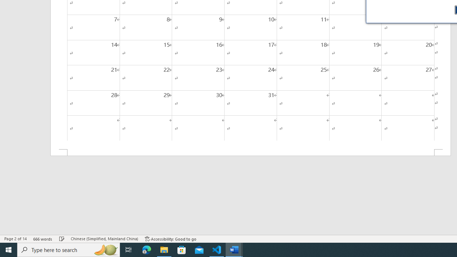 The image size is (457, 257). I want to click on 'Task View', so click(128, 249).